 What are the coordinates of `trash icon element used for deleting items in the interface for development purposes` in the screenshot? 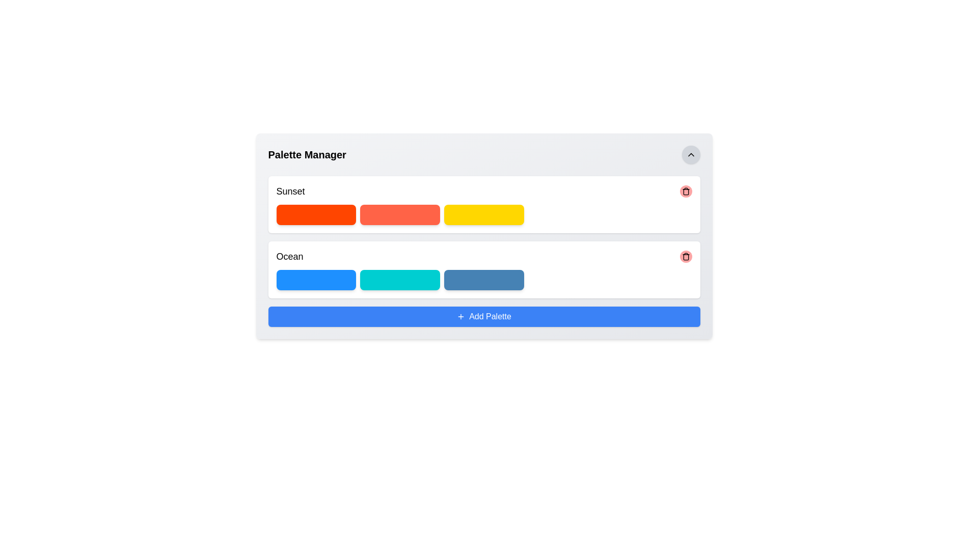 It's located at (686, 192).